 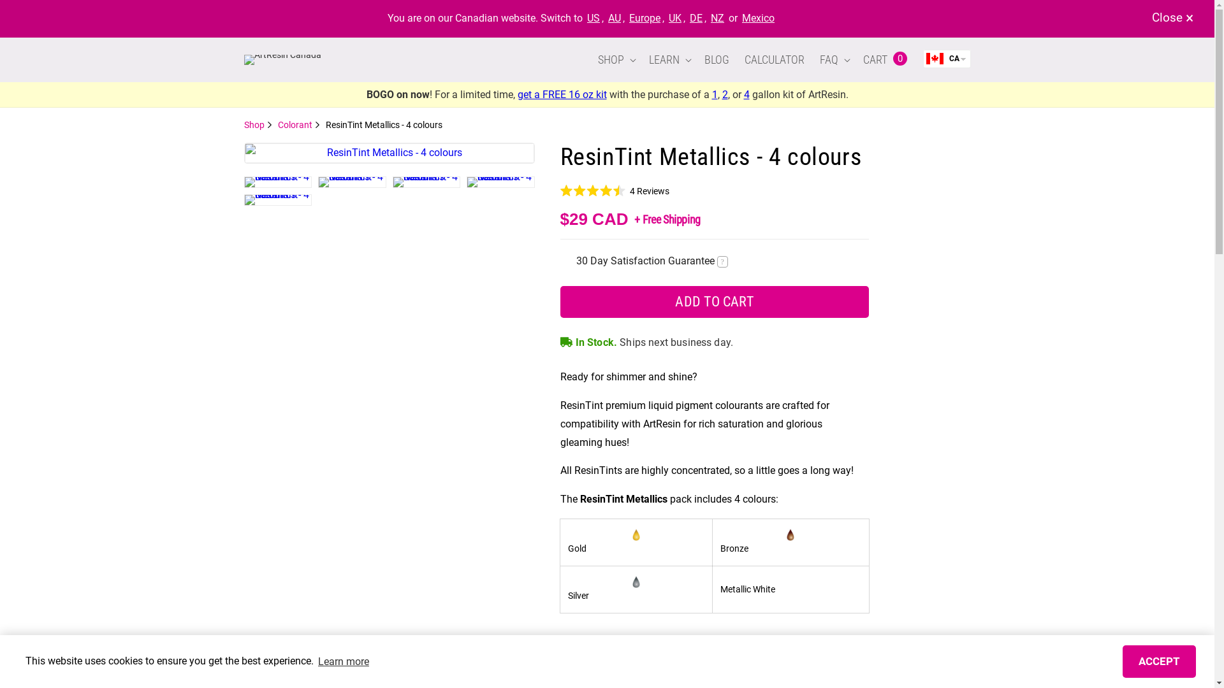 I want to click on 'US', so click(x=593, y=18).